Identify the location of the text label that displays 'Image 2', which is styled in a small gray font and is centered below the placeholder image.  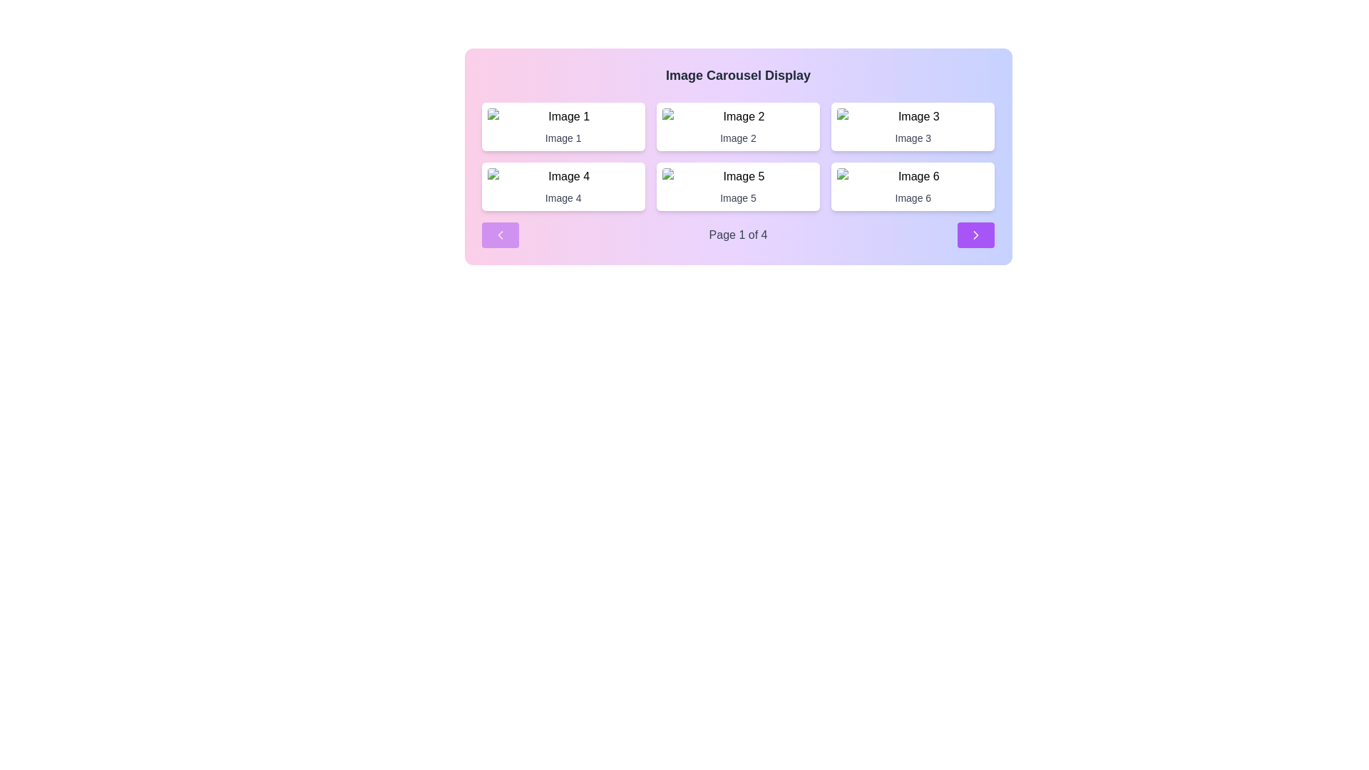
(738, 138).